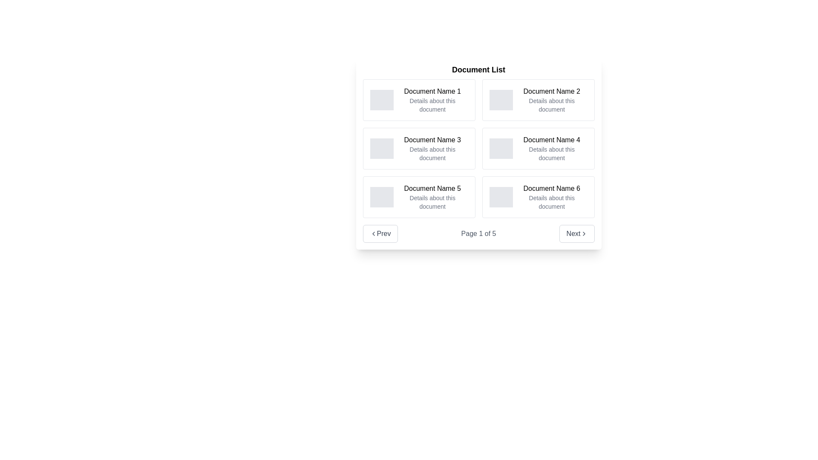 The image size is (818, 460). What do you see at coordinates (552, 202) in the screenshot?
I see `the non-interactive text label providing information about 'Document Name 6' located in the bottom-right card of the grid layout` at bounding box center [552, 202].